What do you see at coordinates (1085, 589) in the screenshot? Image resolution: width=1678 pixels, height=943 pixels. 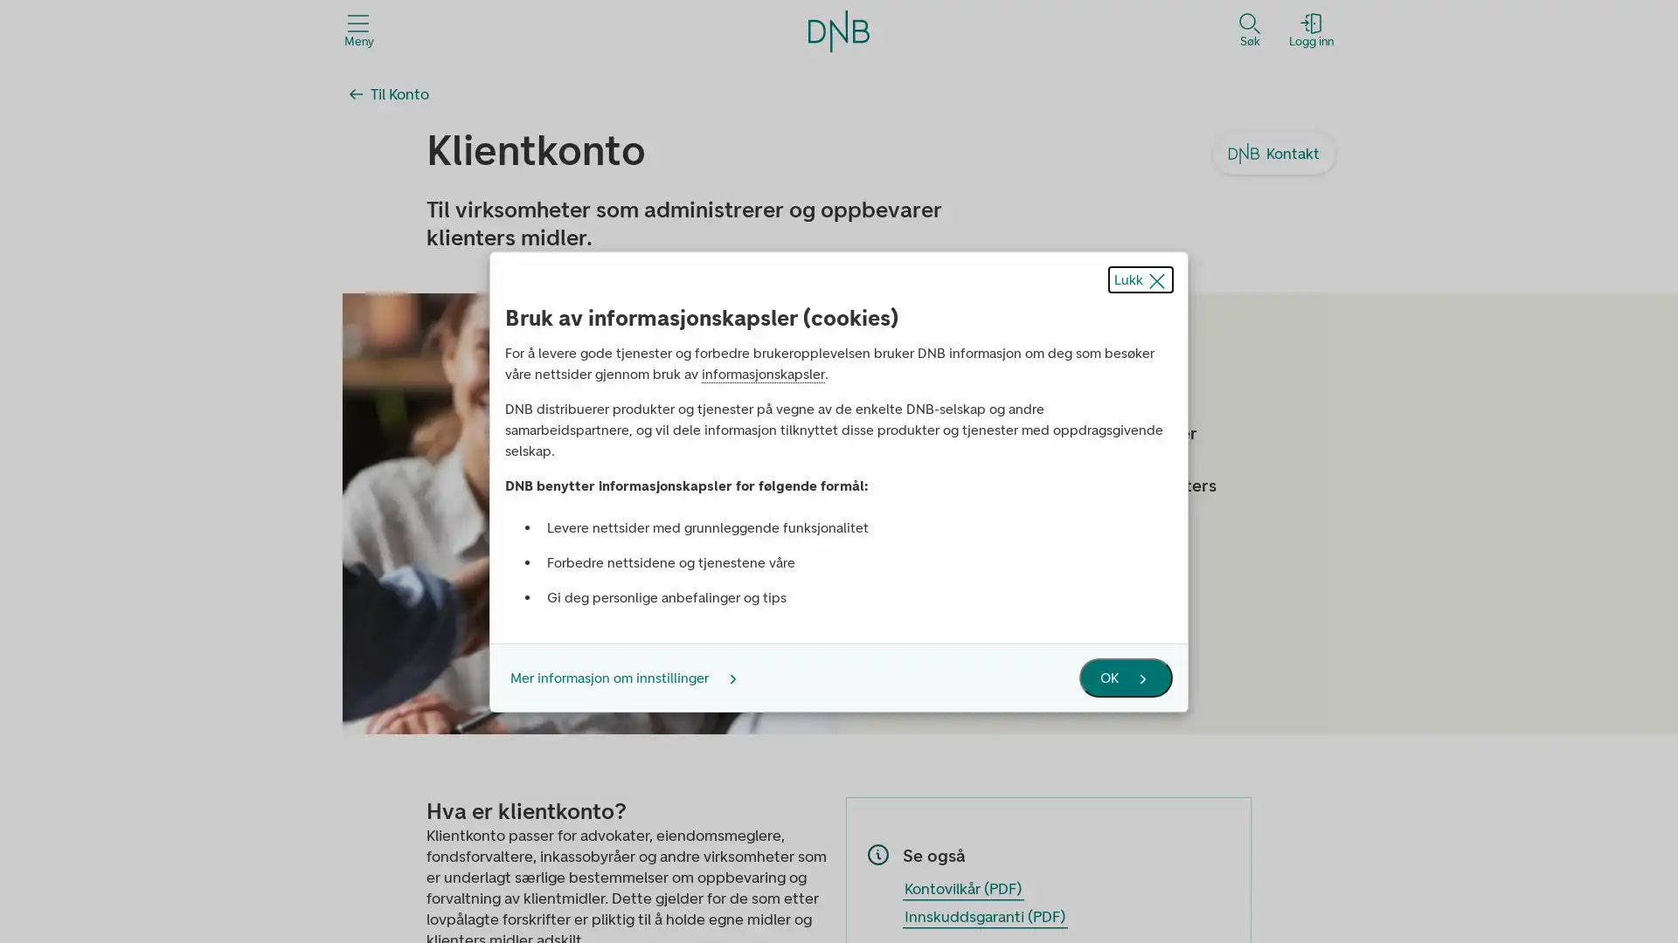 I see `Apne klientkonto` at bounding box center [1085, 589].